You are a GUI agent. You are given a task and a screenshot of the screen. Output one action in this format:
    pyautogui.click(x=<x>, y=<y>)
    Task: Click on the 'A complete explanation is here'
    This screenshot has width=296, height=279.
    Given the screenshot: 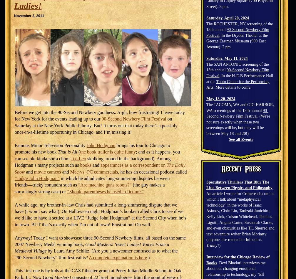 What is the action you would take?
    pyautogui.click(x=88, y=257)
    